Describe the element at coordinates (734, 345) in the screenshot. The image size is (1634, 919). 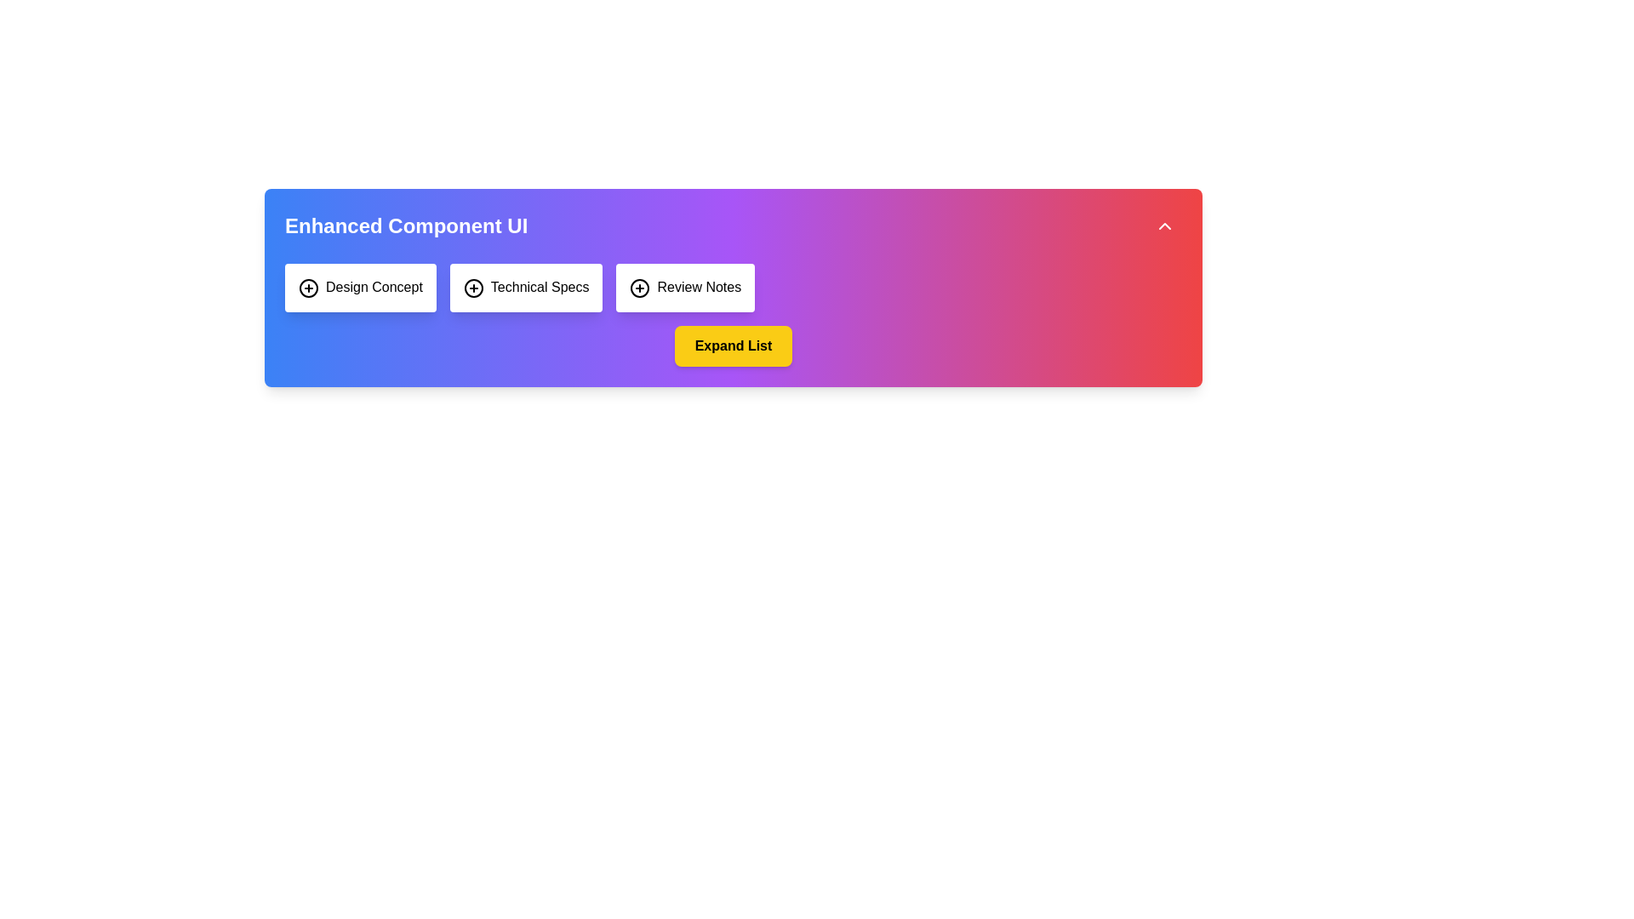
I see `the button with a yellow background and bold black text that reads 'Expand List'` at that location.